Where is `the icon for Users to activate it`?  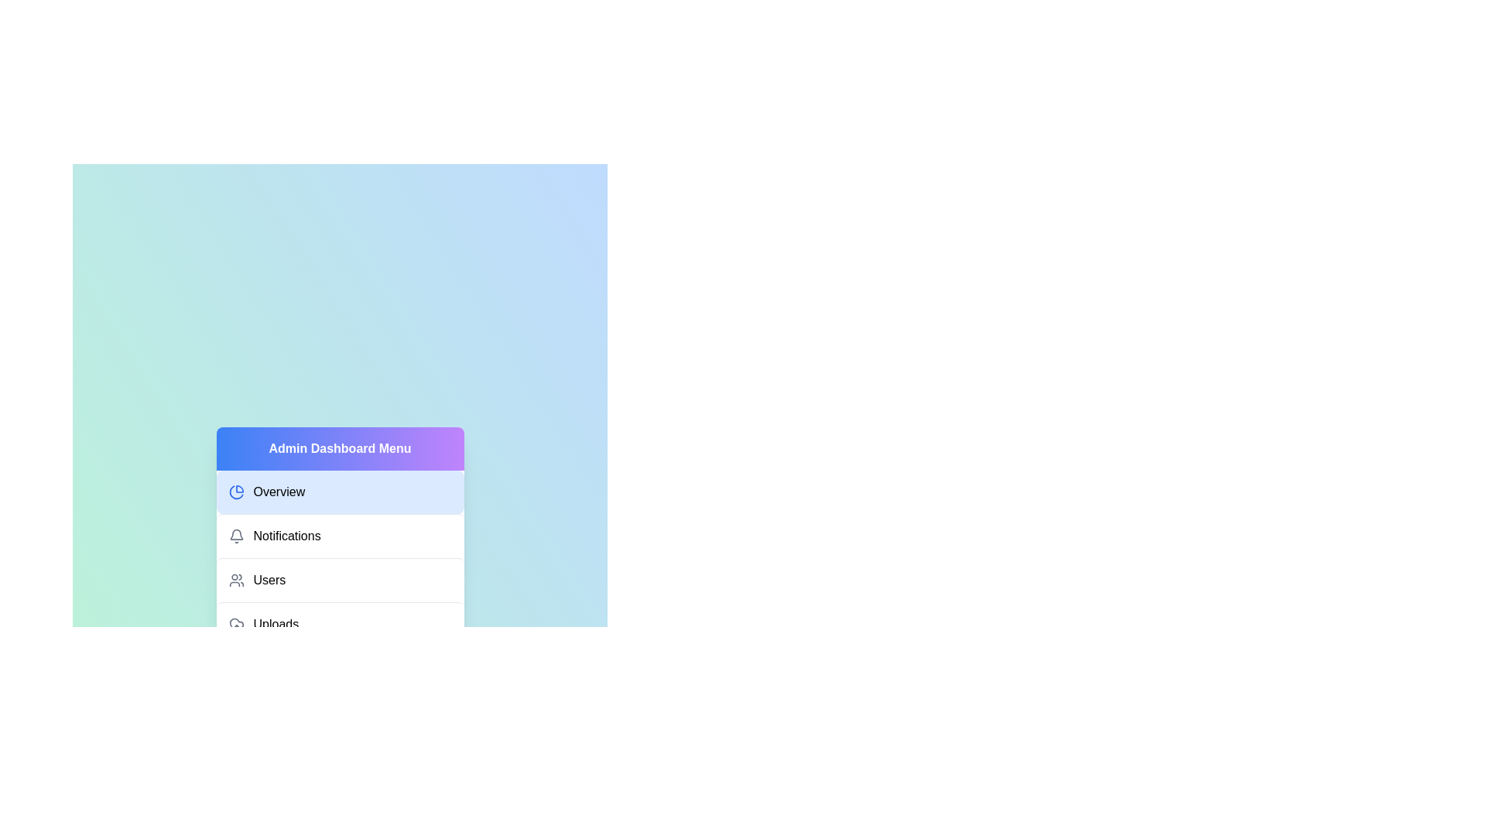
the icon for Users to activate it is located at coordinates (235, 580).